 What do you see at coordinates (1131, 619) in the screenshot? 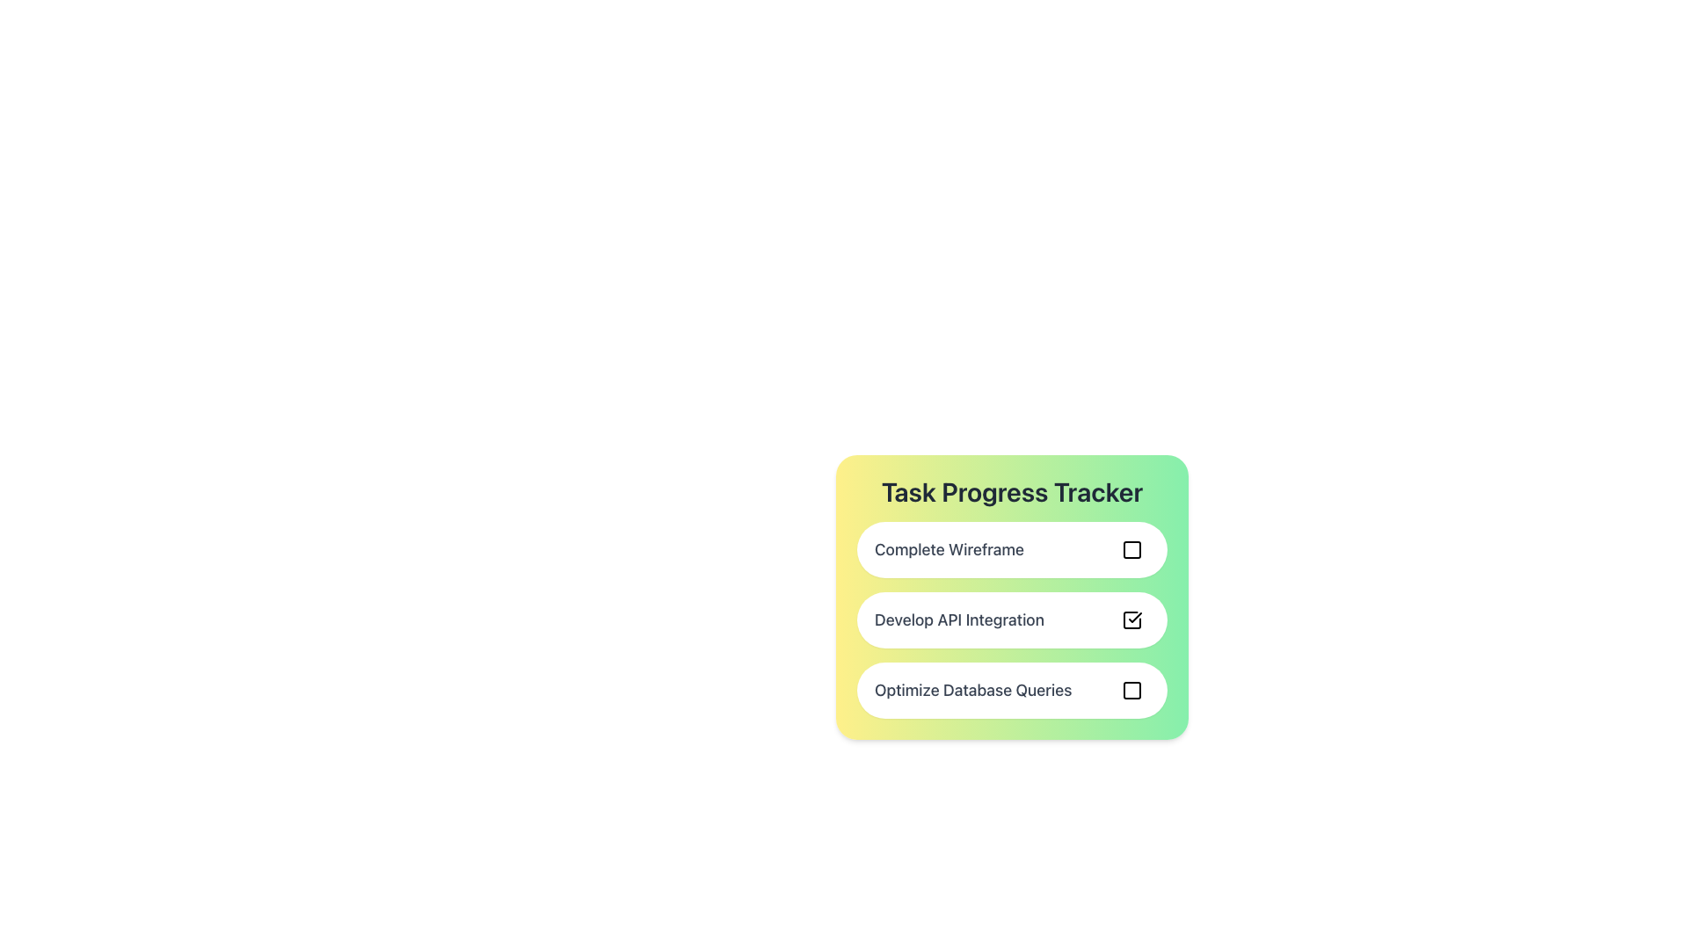
I see `the checkbox with a checkmark inside, located to the right of the 'Develop API Integration' task item in the 'Task Progress Tracker' section` at bounding box center [1131, 619].